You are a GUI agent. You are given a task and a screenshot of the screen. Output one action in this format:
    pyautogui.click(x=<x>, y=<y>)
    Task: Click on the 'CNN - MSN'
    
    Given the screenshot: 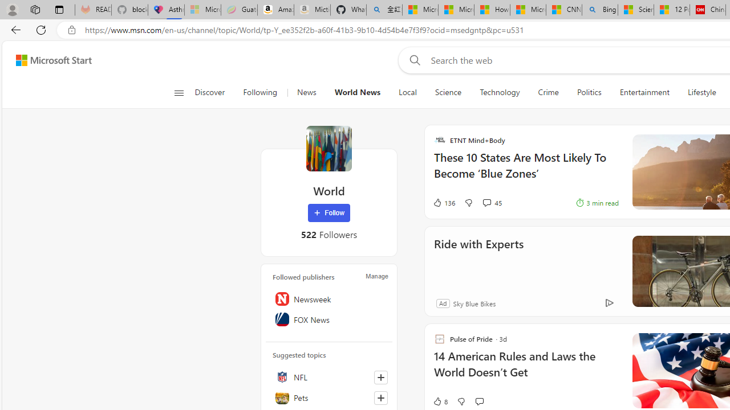 What is the action you would take?
    pyautogui.click(x=563, y=10)
    